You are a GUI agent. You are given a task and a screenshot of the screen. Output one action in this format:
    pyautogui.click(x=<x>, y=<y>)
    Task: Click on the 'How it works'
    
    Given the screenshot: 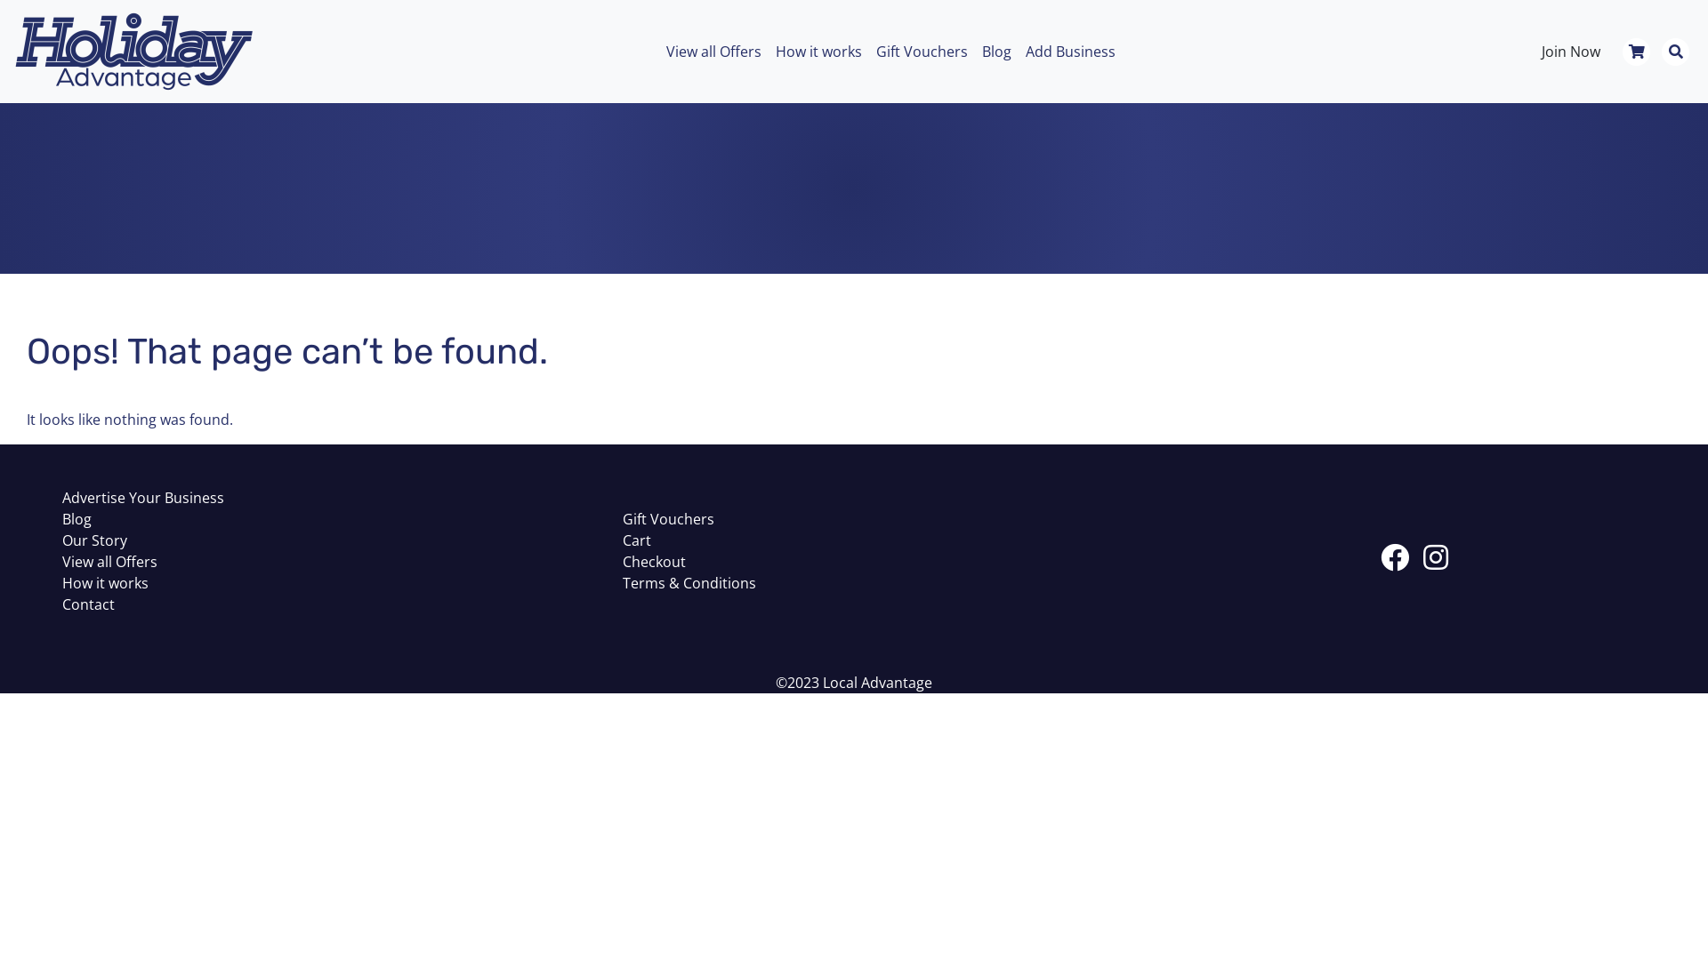 What is the action you would take?
    pyautogui.click(x=769, y=50)
    